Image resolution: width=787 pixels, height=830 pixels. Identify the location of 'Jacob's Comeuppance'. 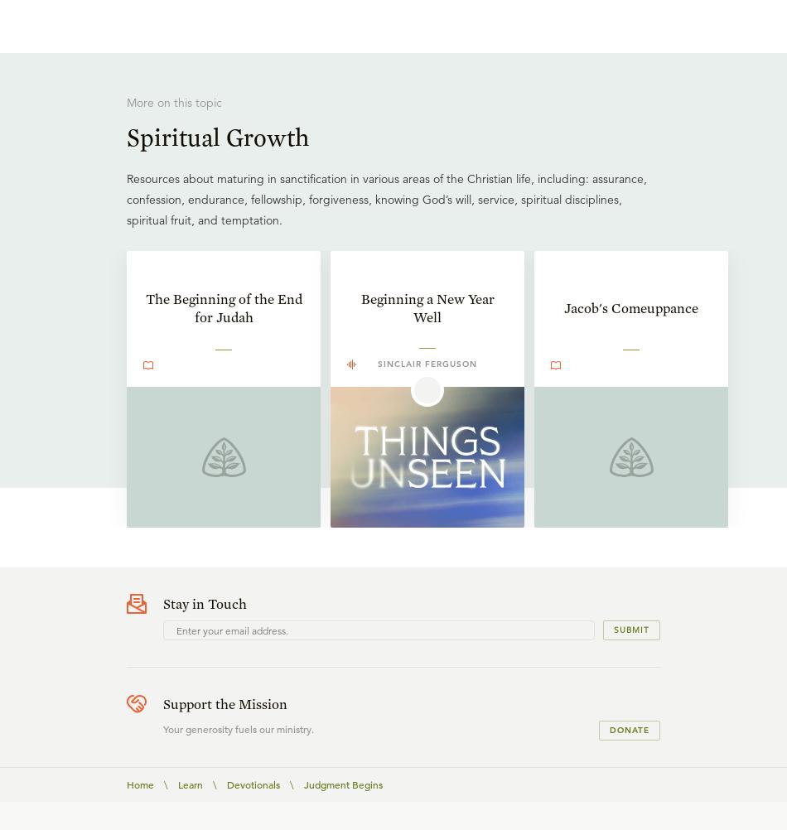
(630, 308).